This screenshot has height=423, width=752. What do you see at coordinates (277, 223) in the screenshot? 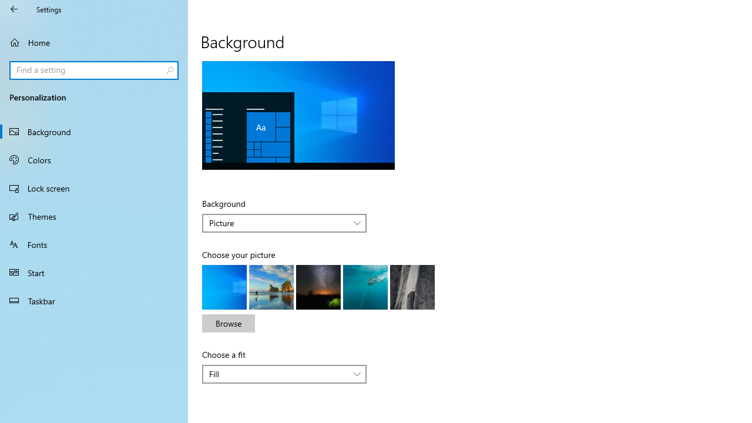
I see `'Picture'` at bounding box center [277, 223].